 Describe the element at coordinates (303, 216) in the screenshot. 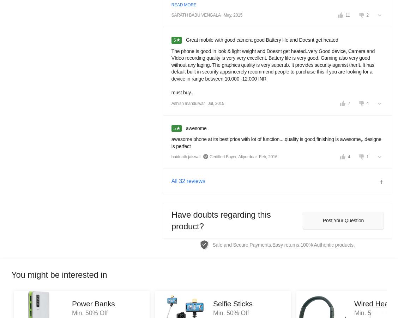

I see `'BSI II Sensor, Flash Support, Auto Focus, Scene Detection and Tuning, High Dynamic Range, Low Light Enhancement, Face Recognition, Vertical and Horizontal Panorama Capture, Geo-tagging'` at that location.